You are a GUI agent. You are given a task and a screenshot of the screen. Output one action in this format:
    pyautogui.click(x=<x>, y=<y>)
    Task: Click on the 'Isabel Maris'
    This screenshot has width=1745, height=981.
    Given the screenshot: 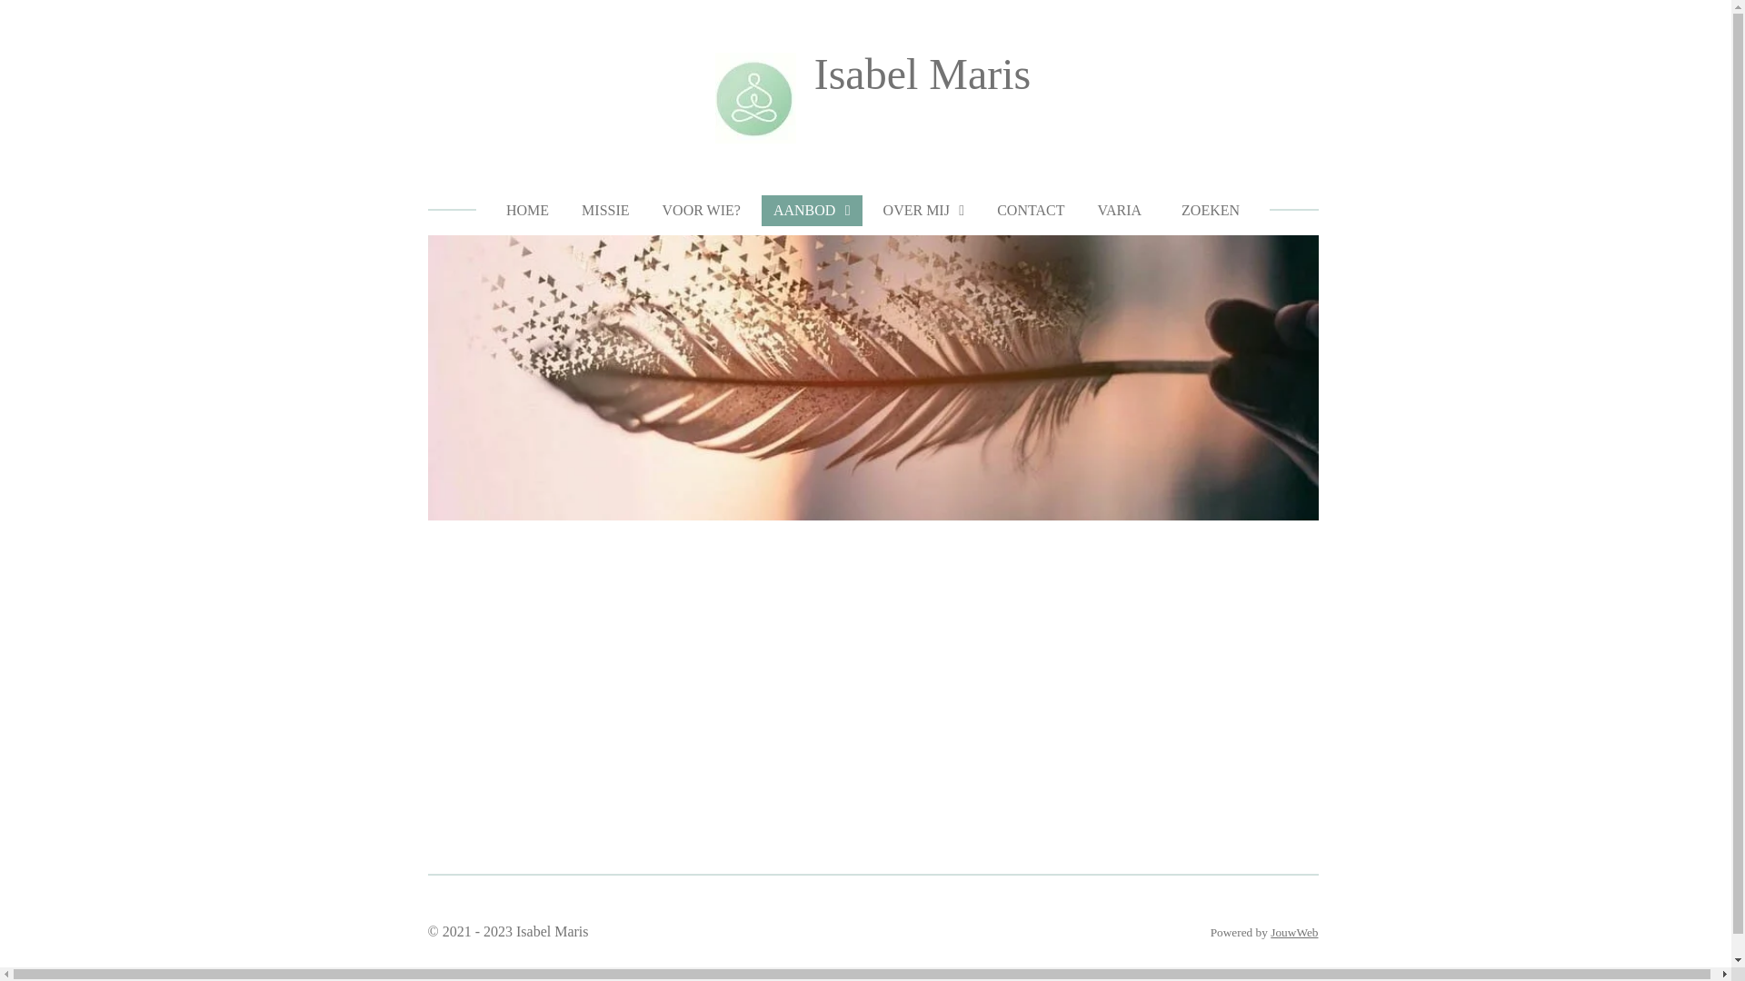 What is the action you would take?
    pyautogui.click(x=922, y=73)
    